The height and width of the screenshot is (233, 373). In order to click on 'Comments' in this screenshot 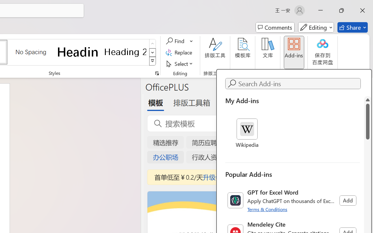, I will do `click(275, 27)`.